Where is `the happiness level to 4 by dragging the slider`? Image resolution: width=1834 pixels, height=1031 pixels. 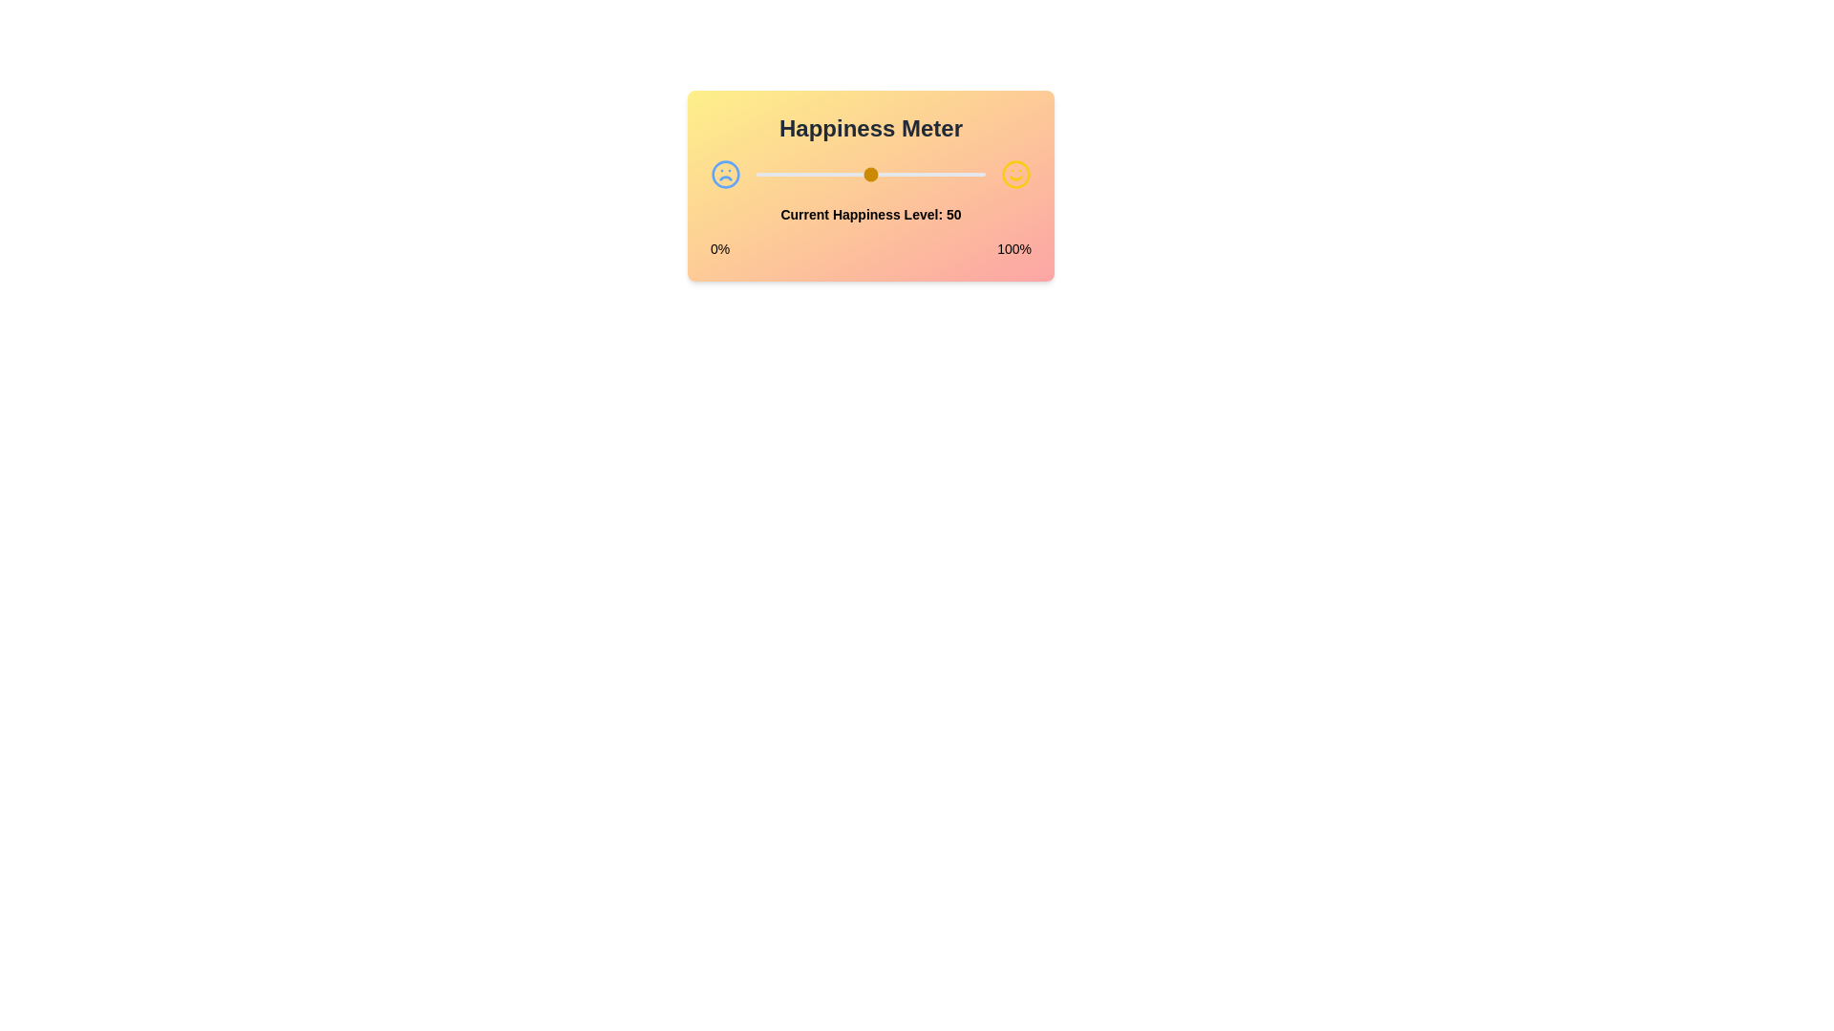 the happiness level to 4 by dragging the slider is located at coordinates (765, 174).